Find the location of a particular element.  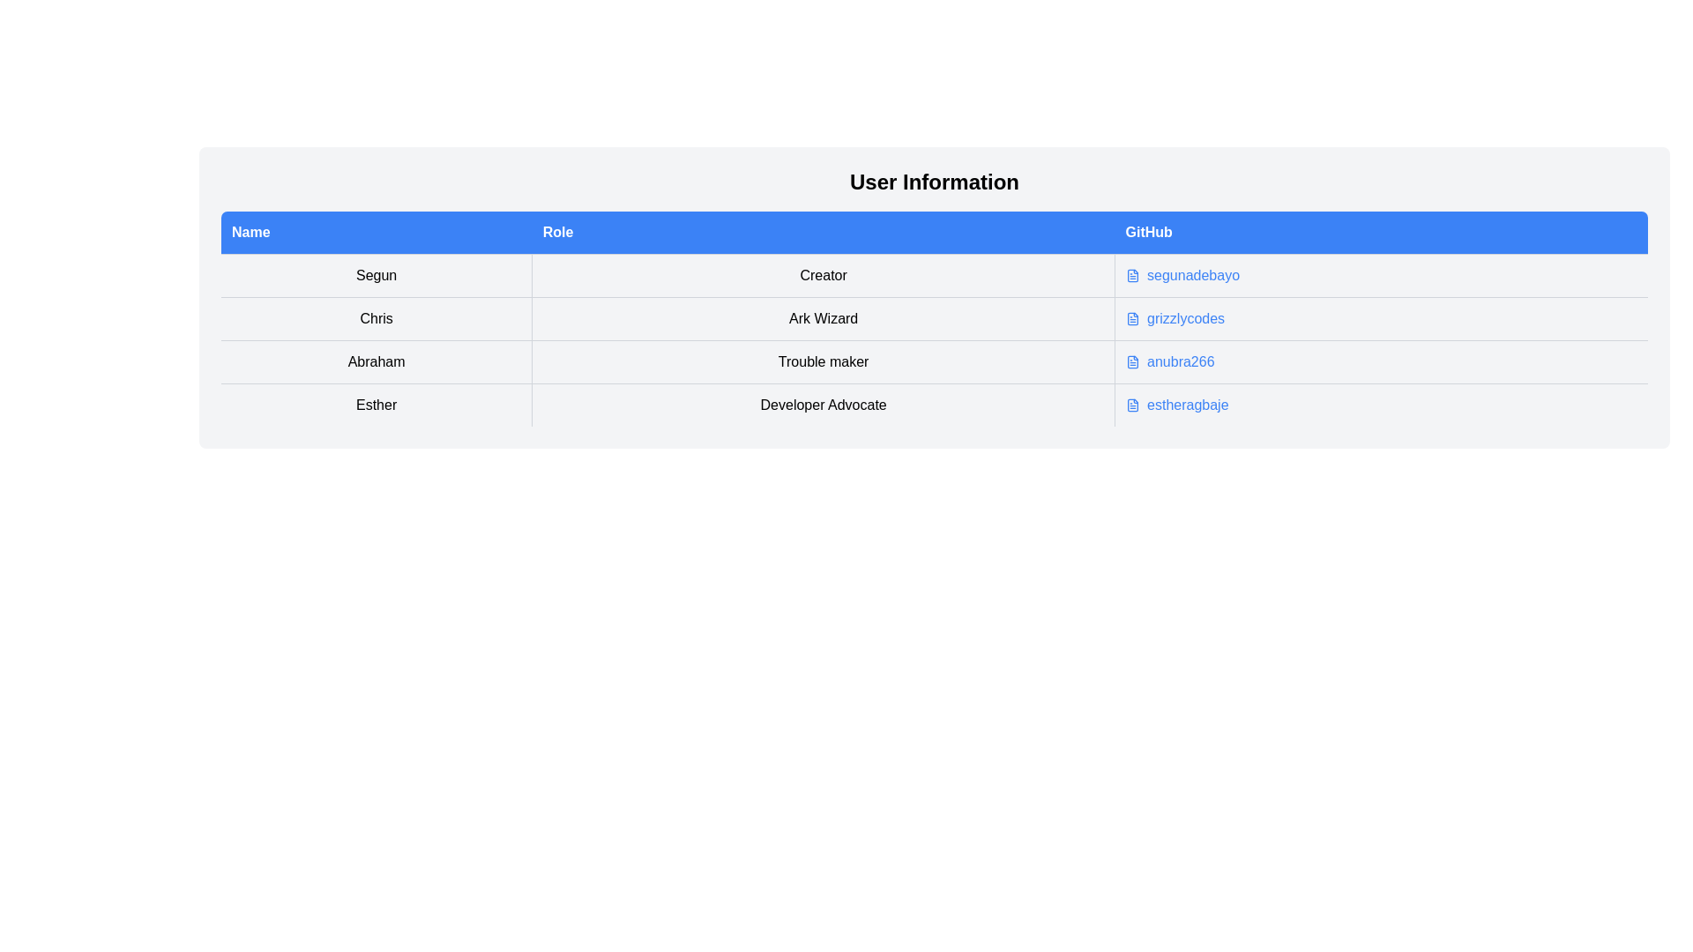

the text label identifying a person or entity located in the second row under the 'Name' header column of the table is located at coordinates (376, 319).